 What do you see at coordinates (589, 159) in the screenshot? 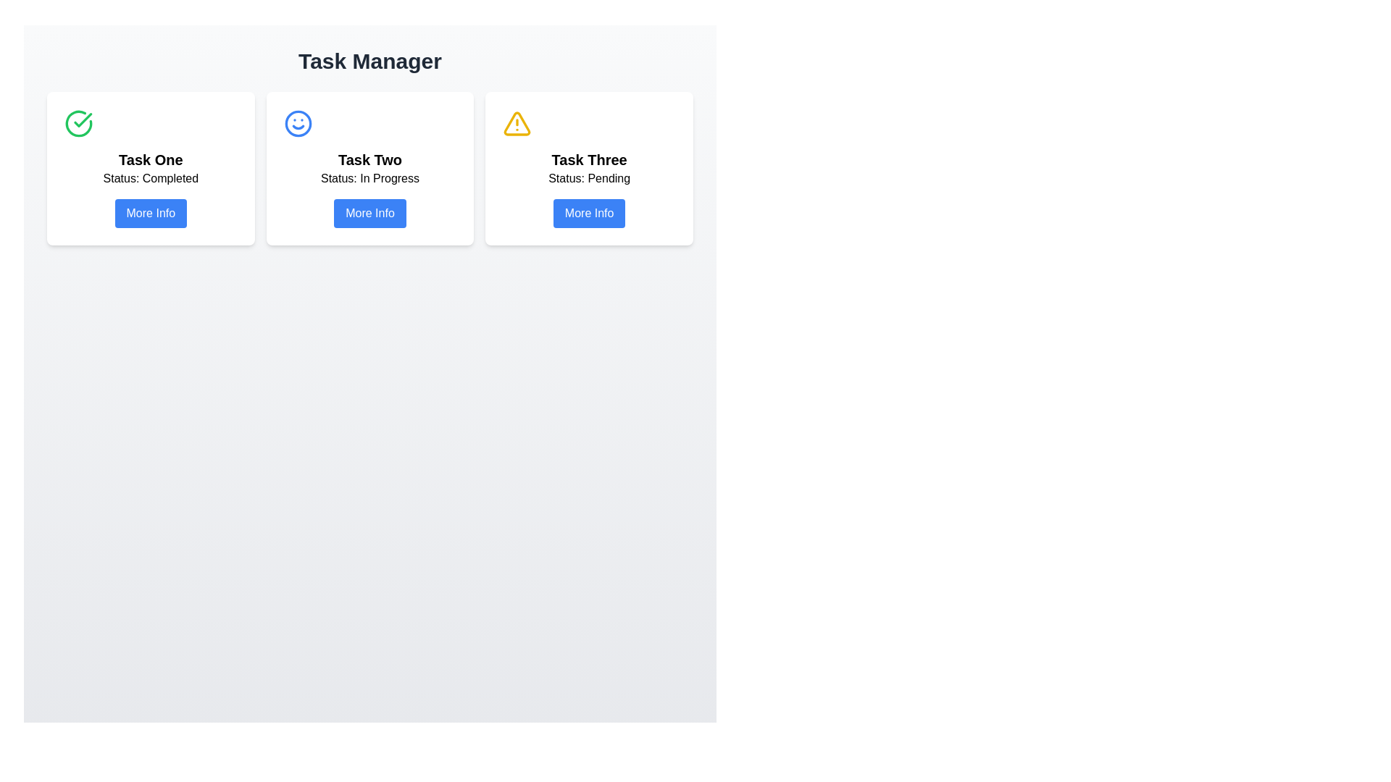
I see `the bold text 'Task Three' which is centrally positioned in a white card on the right side of a three-card layout, below the alert icon and above the text 'Status: Pending'` at bounding box center [589, 159].